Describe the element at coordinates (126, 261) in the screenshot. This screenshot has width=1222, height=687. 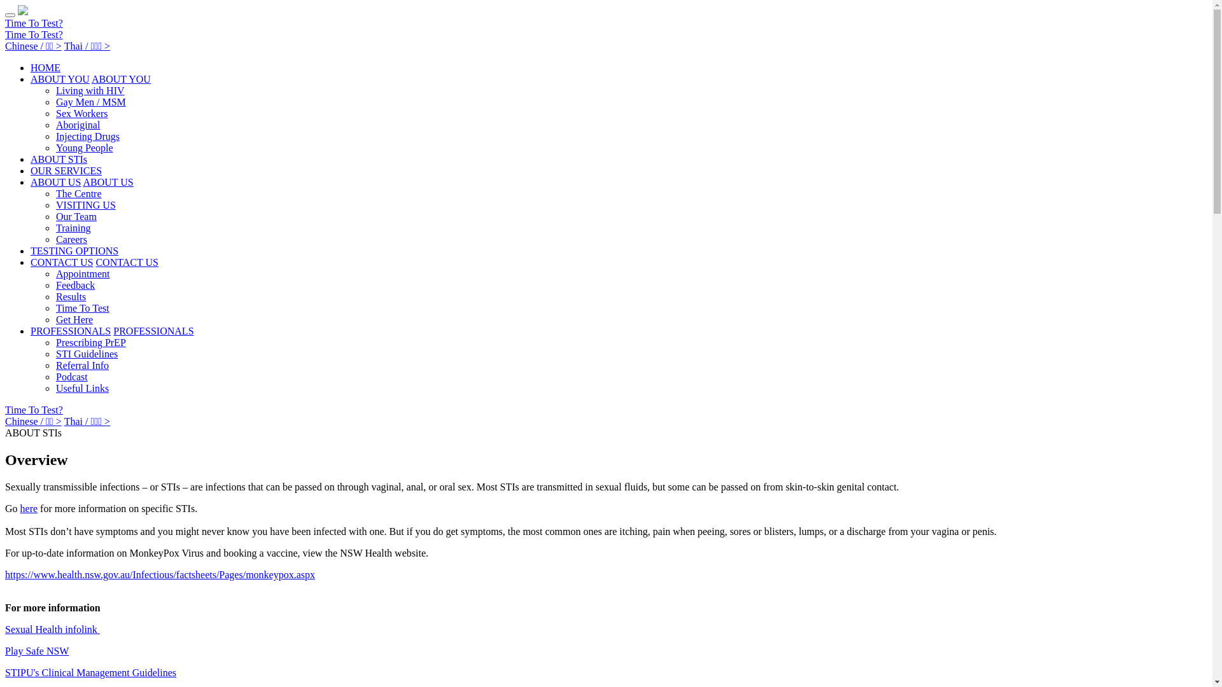
I see `'CONTACT US'` at that location.